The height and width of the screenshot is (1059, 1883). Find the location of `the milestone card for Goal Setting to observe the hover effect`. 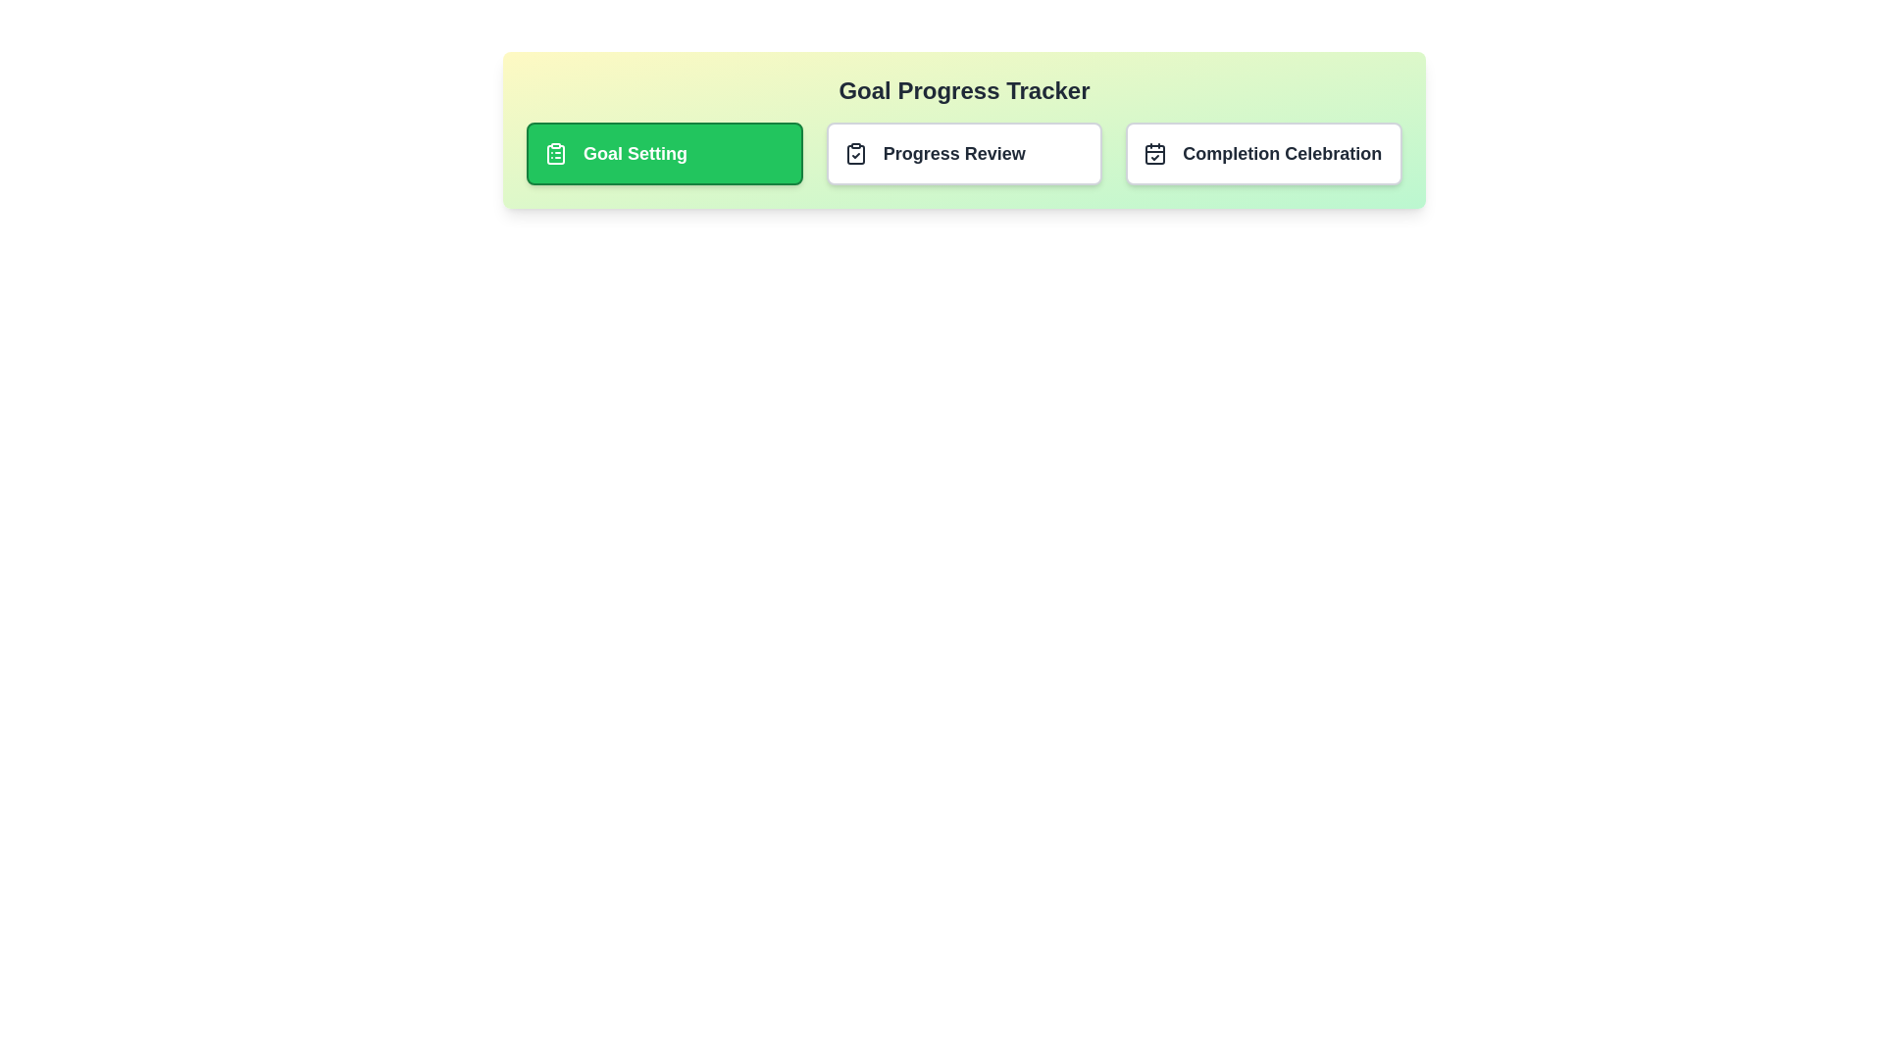

the milestone card for Goal Setting to observe the hover effect is located at coordinates (664, 153).